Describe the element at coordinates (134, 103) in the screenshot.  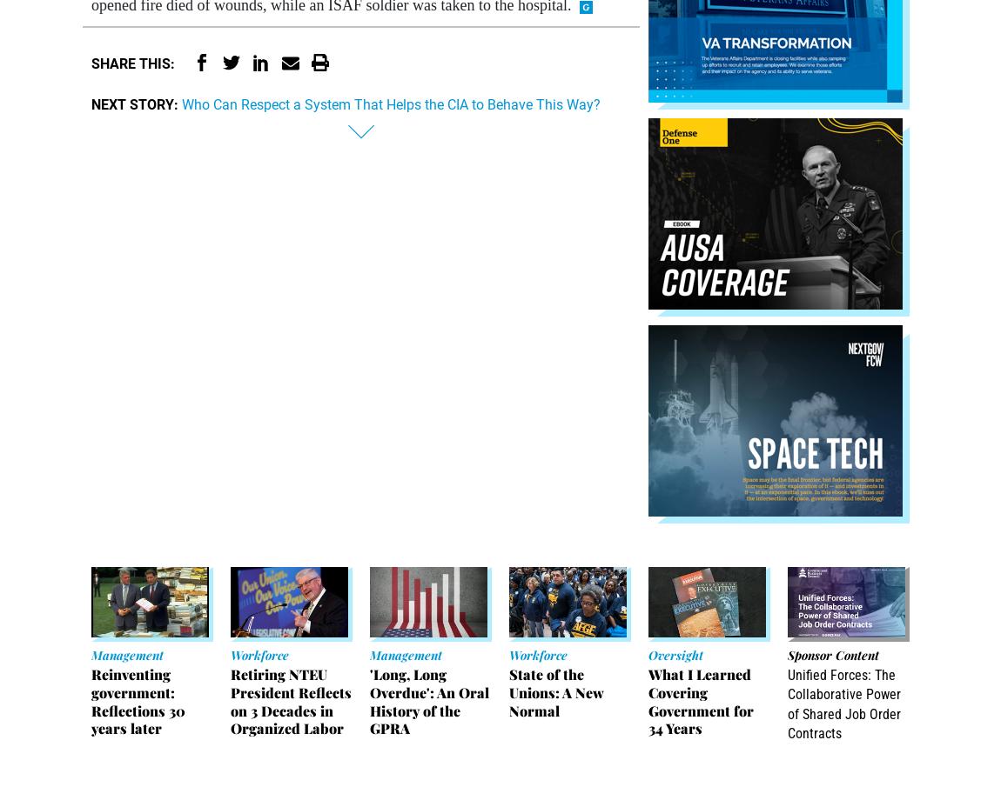
I see `'NEXT STORY:'` at that location.